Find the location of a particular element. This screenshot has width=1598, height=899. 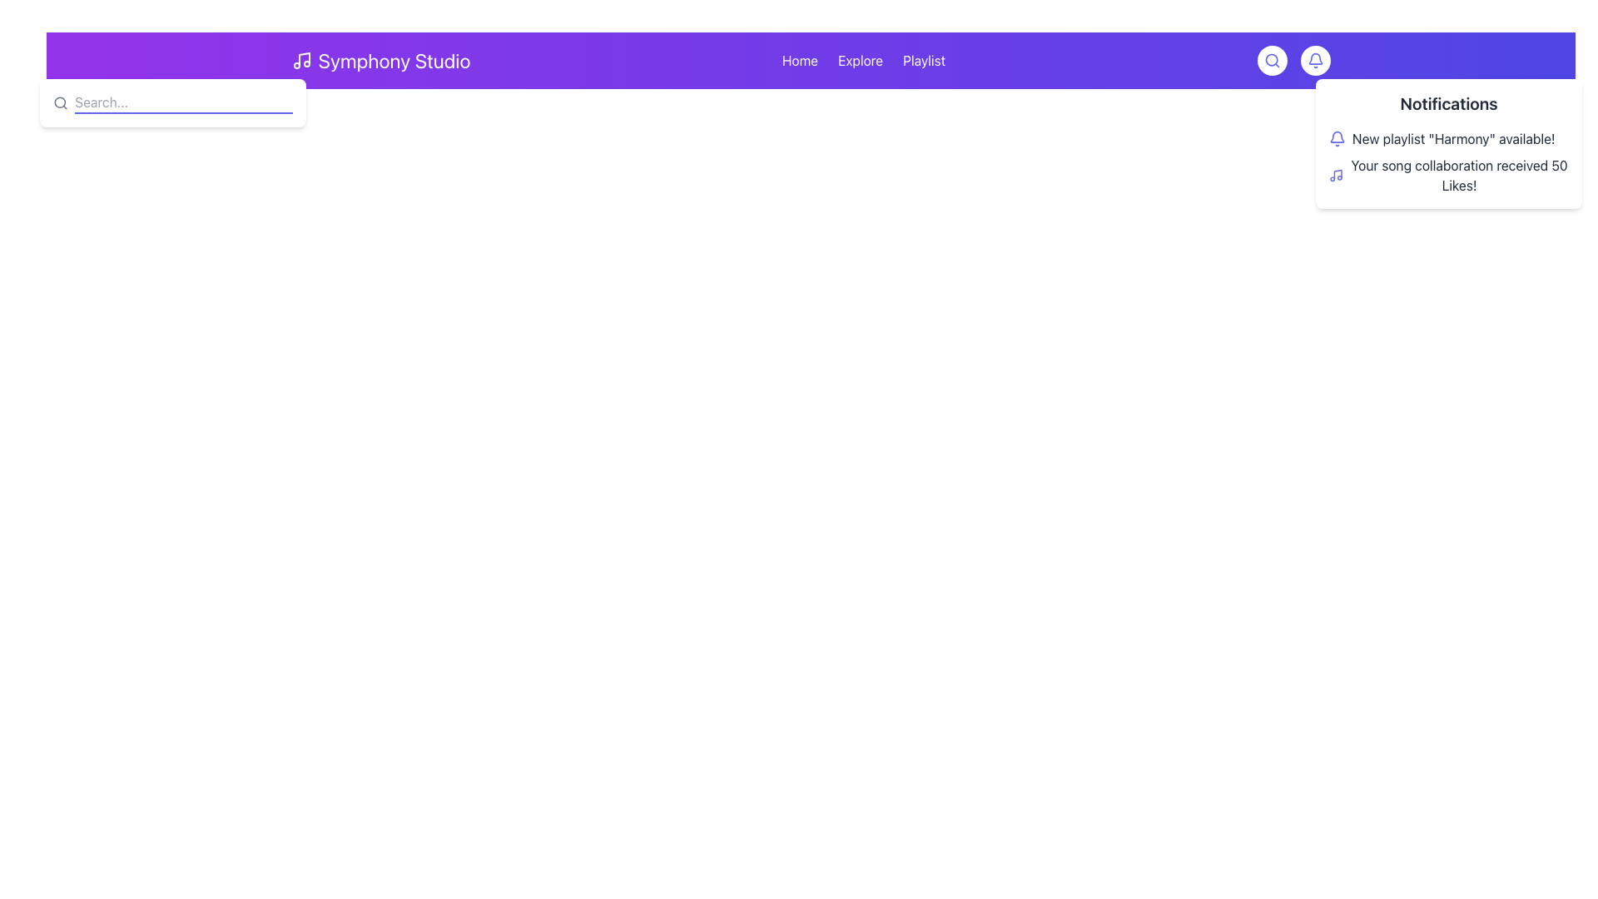

the 'Home', 'Explore', or 'Playlist' link in the Navigation bar labeled 'Symphony Studio' is located at coordinates (811, 60).